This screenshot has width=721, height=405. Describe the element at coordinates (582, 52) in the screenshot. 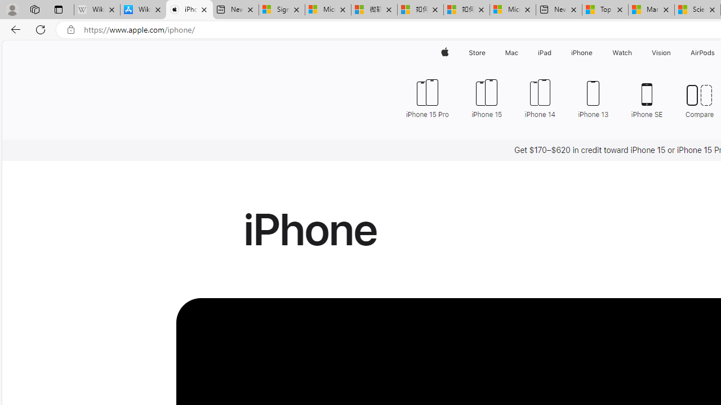

I see `'iPhone'` at that location.